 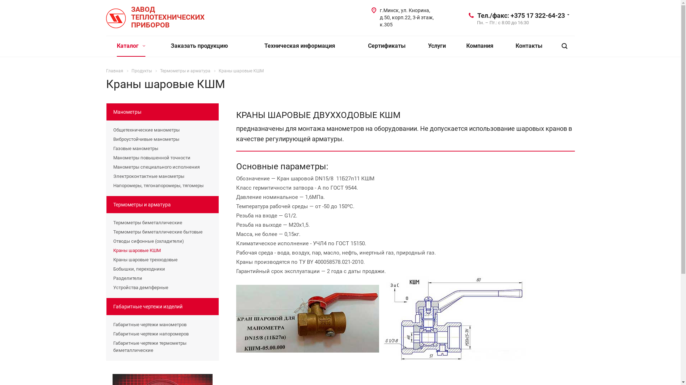 I want to click on 'kshm-1-1.jpg', so click(x=307, y=318).